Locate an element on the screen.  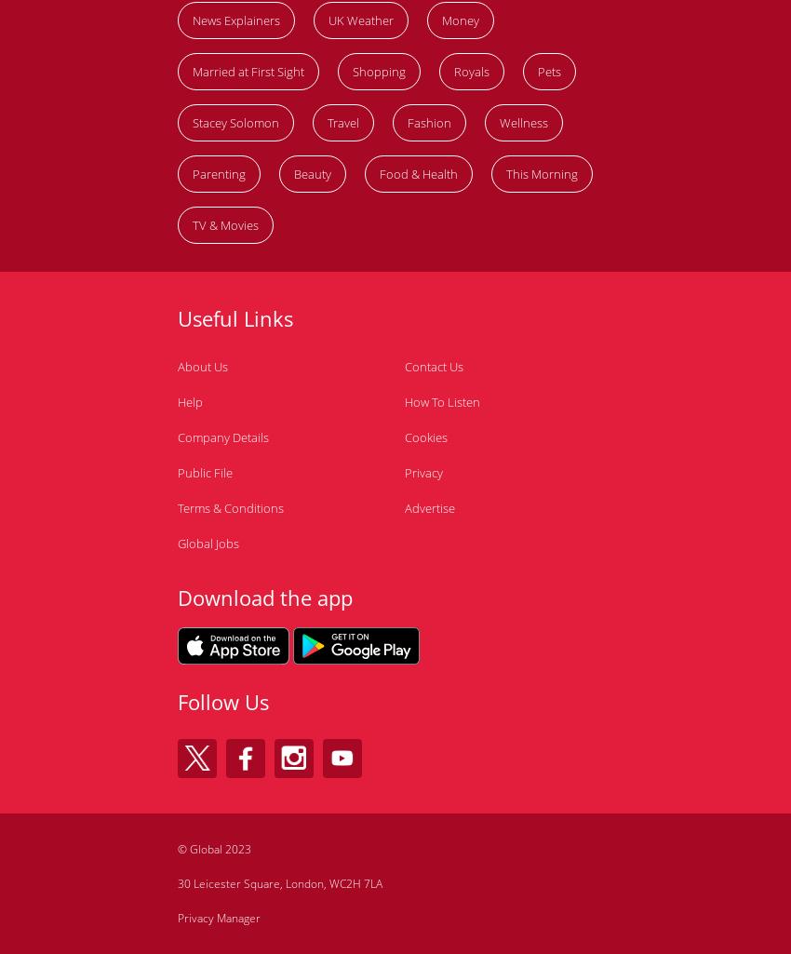
'Public File' is located at coordinates (205, 471).